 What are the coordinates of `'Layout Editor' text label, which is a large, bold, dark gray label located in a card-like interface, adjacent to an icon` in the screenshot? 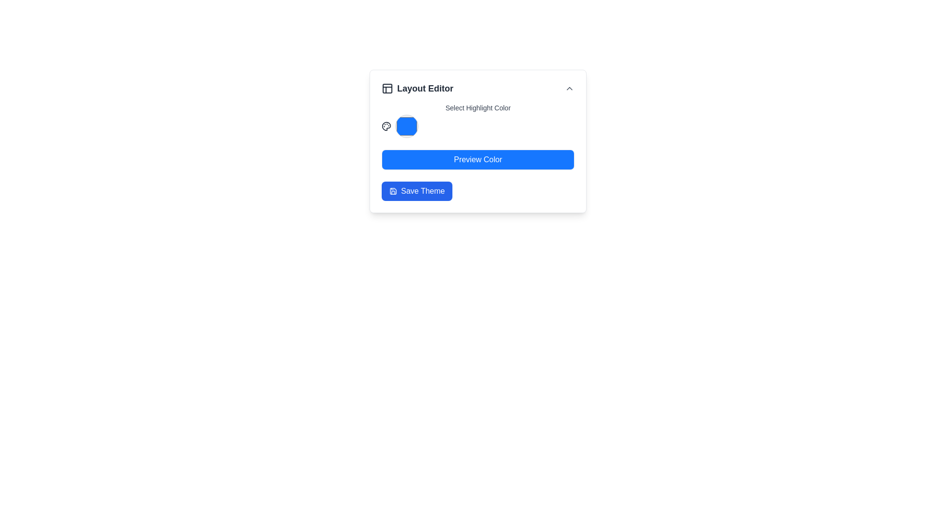 It's located at (425, 88).